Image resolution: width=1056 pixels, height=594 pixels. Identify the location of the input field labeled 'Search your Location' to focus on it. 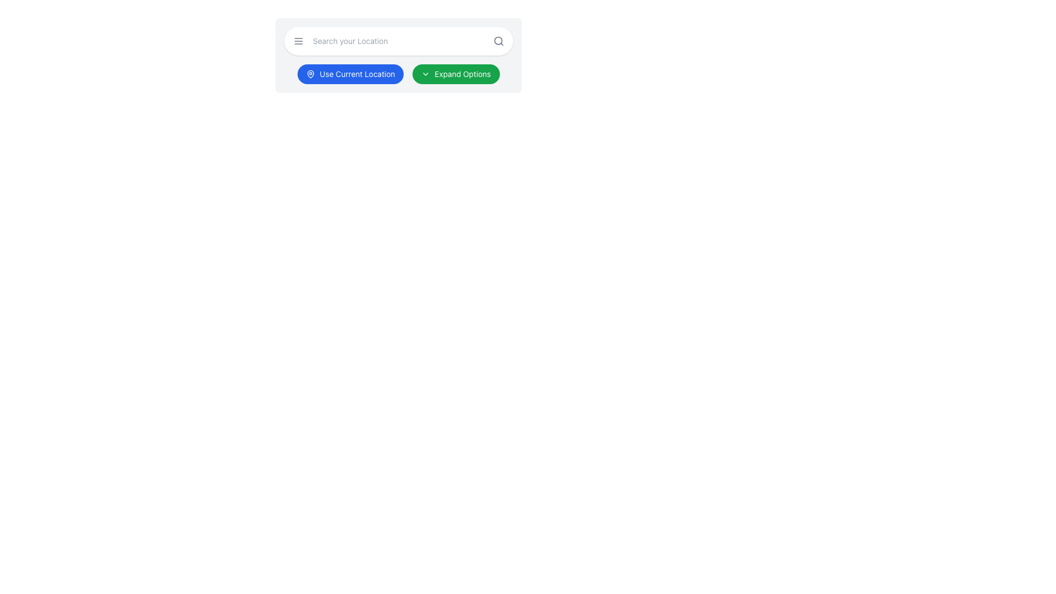
(398, 40).